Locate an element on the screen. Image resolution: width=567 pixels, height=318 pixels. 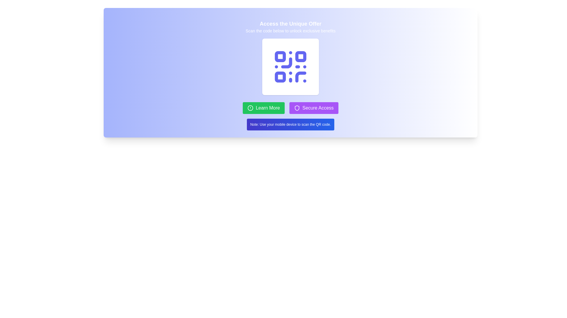
the 'Secure Access' button which contains the security icon, positioned at the center-left of the button is located at coordinates (297, 108).